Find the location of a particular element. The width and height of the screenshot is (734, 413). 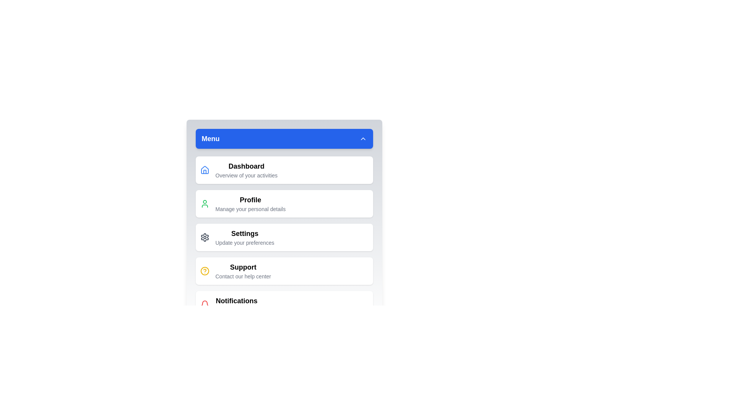

the 'Notifications' label, which is a bold-styled text element positioned at the lower part of a vertically stacked menu layout, standing out with its larger font size is located at coordinates (236, 300).